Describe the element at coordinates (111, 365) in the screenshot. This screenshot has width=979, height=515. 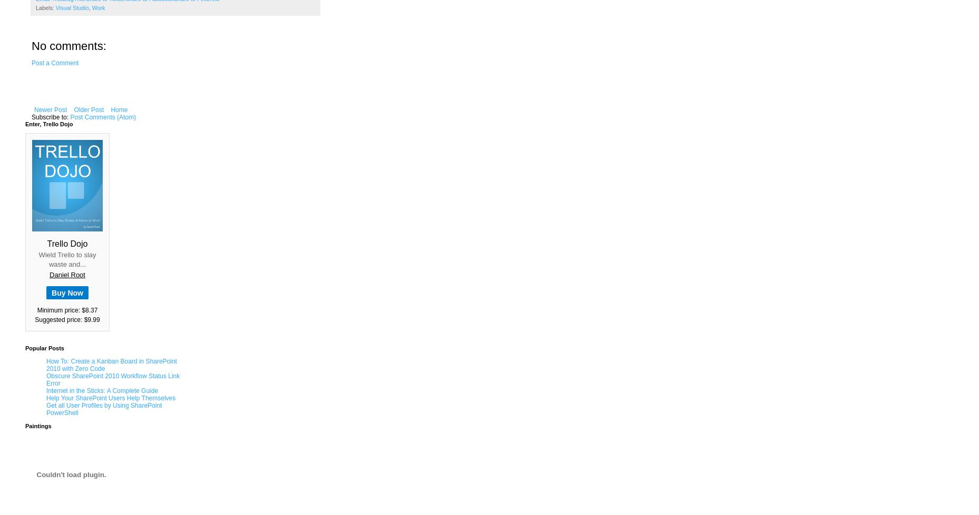
I see `'How To: Create a Kanban Board in SharePoint 2010 with Zero Code'` at that location.